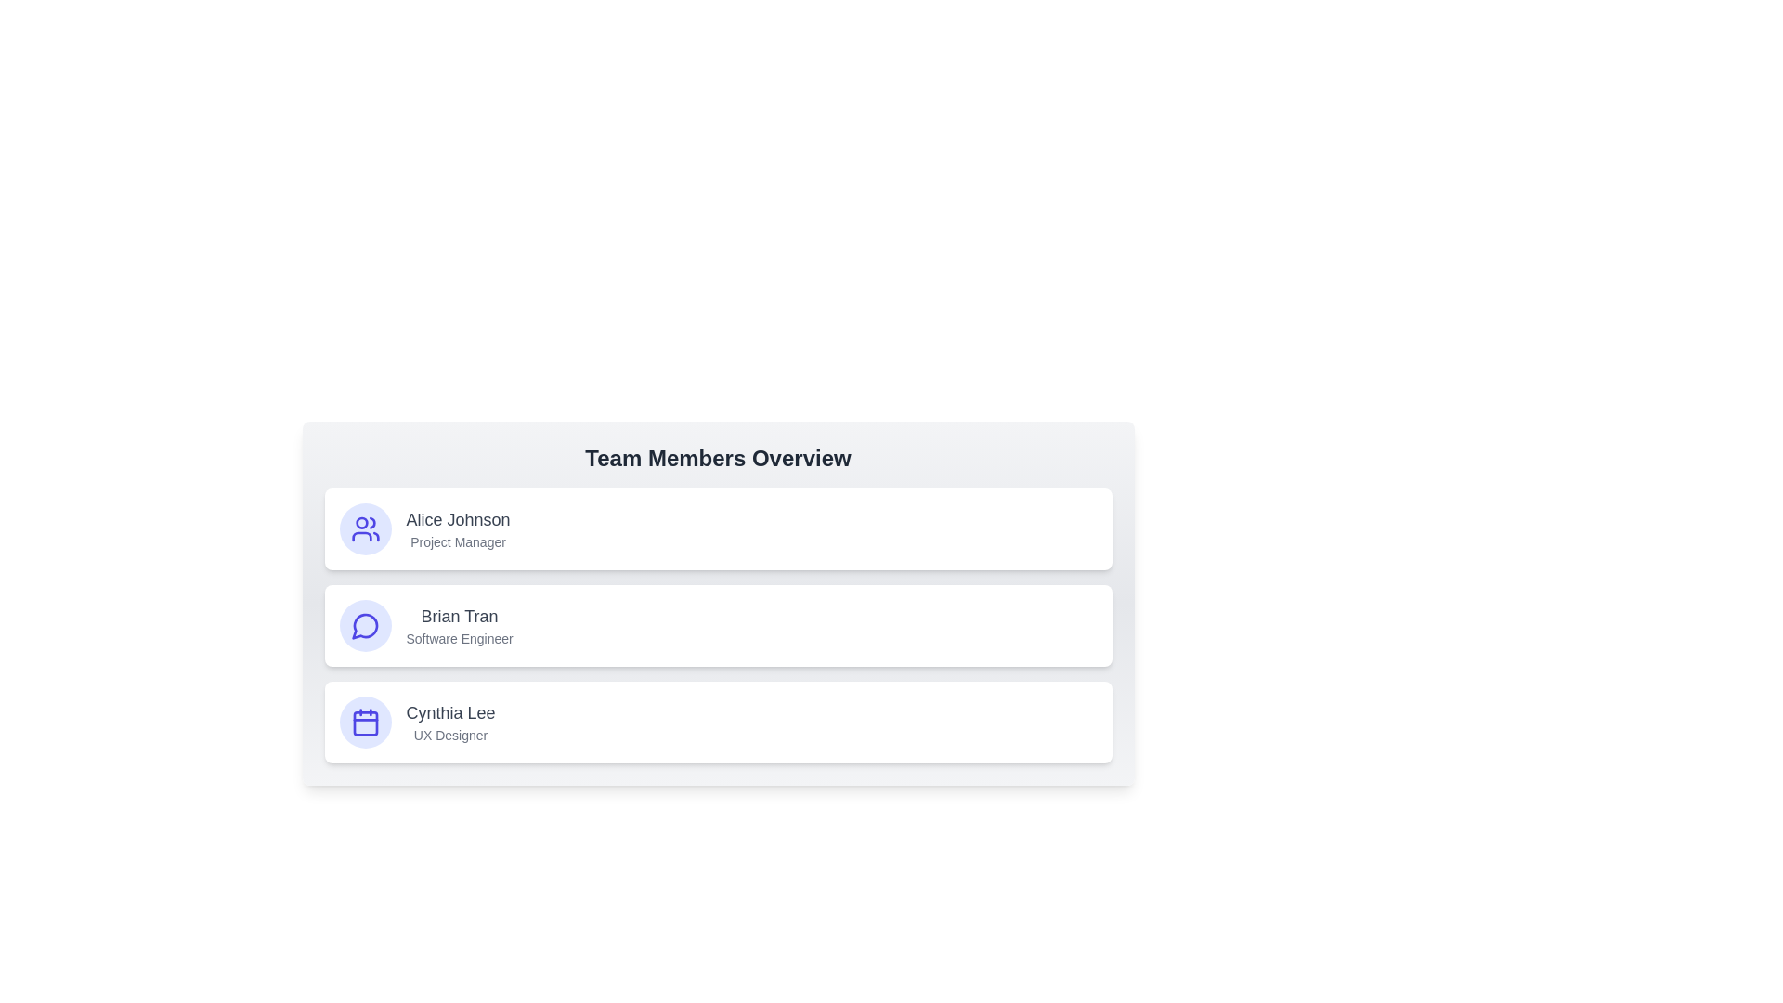  Describe the element at coordinates (717, 722) in the screenshot. I see `the card of the team member Cynthia Lee to select them` at that location.